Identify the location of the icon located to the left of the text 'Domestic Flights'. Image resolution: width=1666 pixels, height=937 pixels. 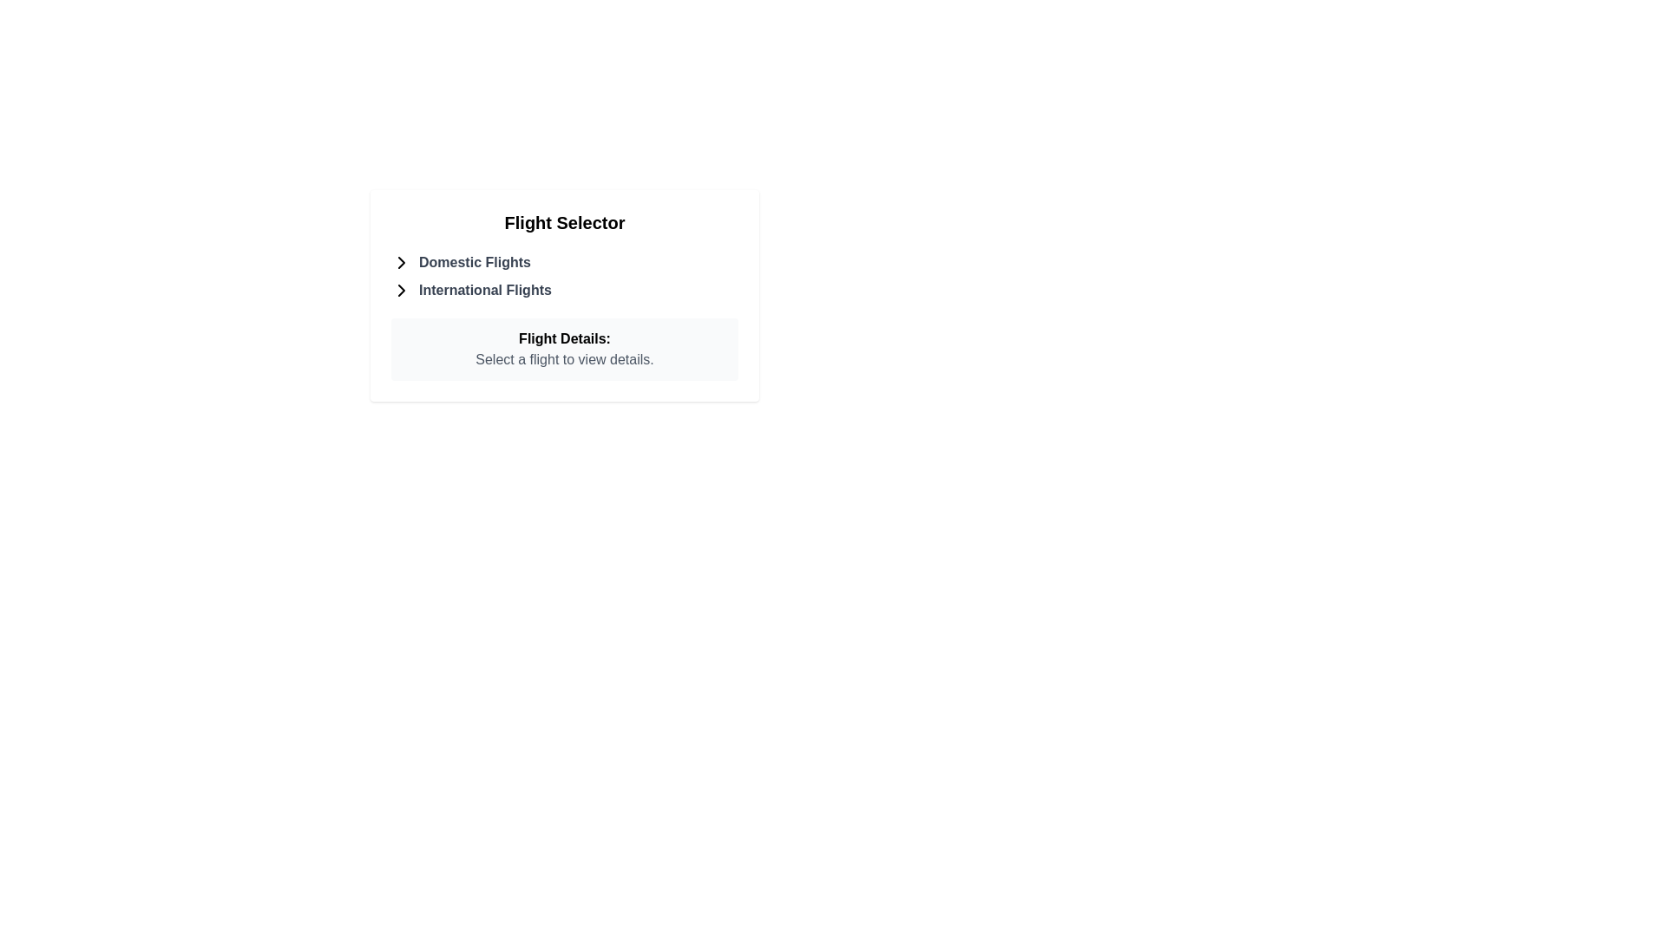
(400, 263).